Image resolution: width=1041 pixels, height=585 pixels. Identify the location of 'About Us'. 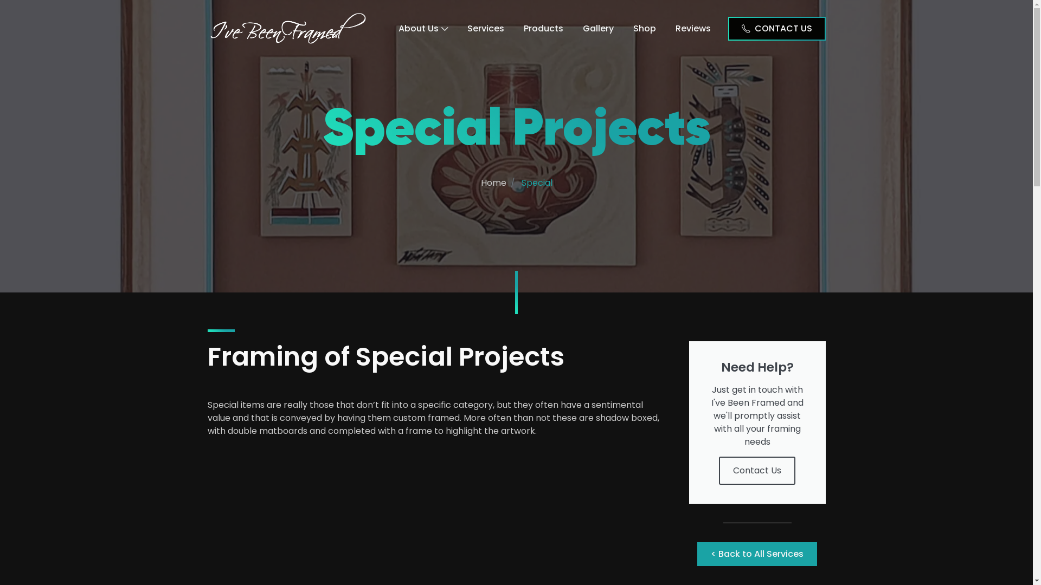
(422, 27).